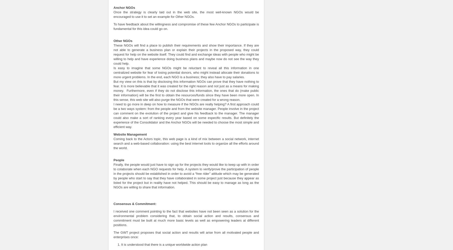 The image size is (453, 250). What do you see at coordinates (186, 234) in the screenshot?
I see `'The GWT project proposes that social action and results will arise from all motivated people and enterprises once:'` at bounding box center [186, 234].